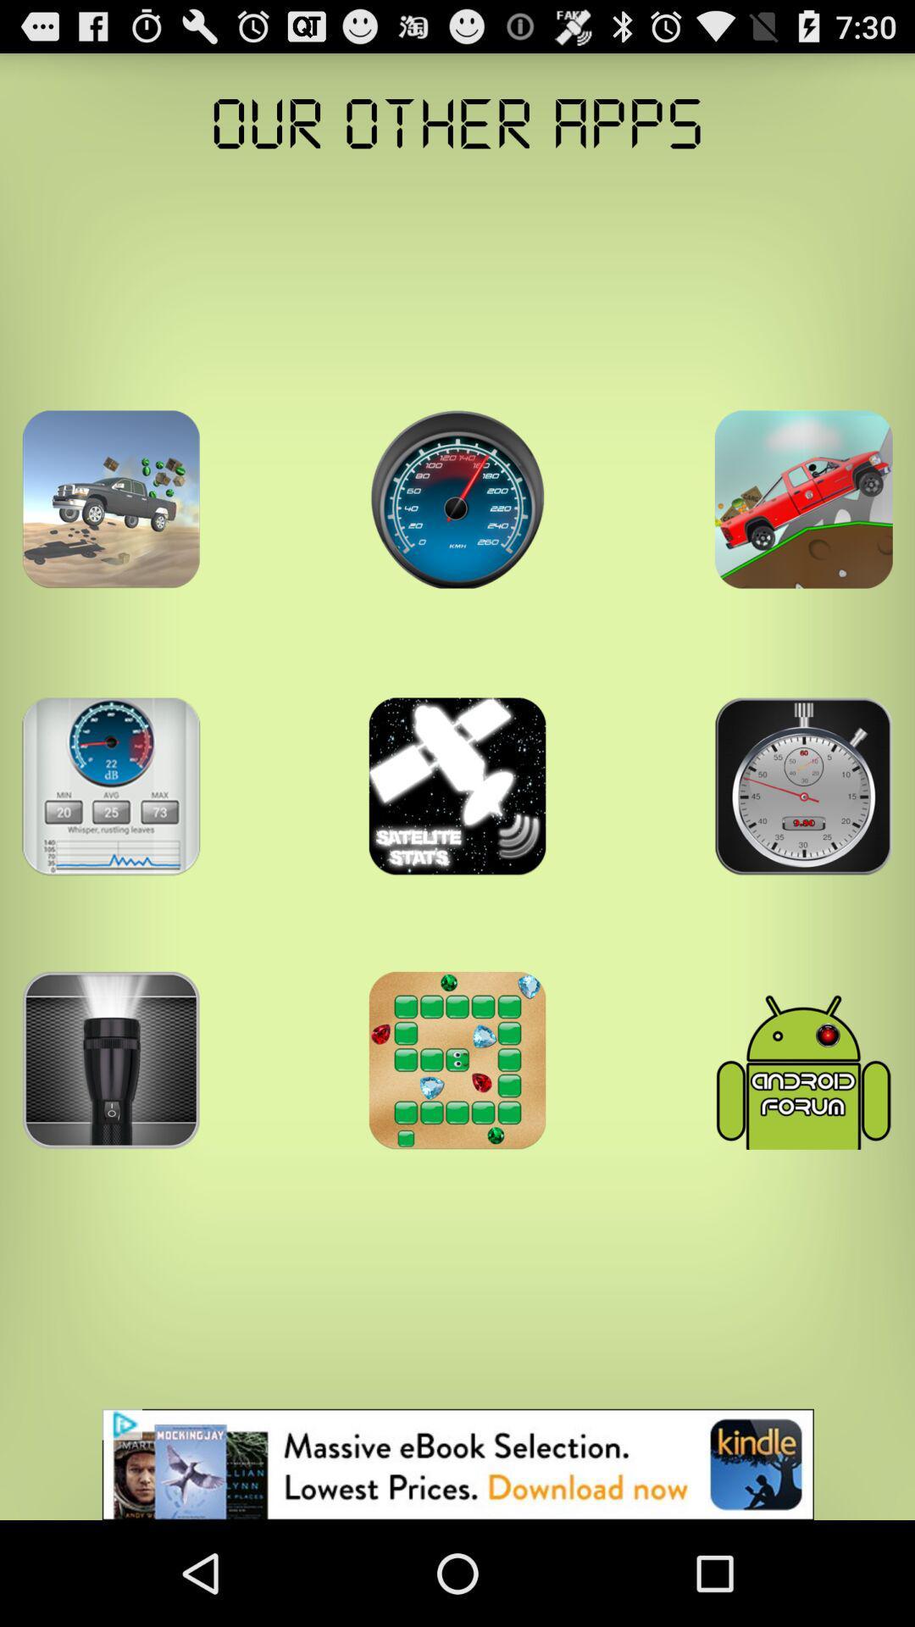 The height and width of the screenshot is (1627, 915). I want to click on open an app, so click(457, 498).